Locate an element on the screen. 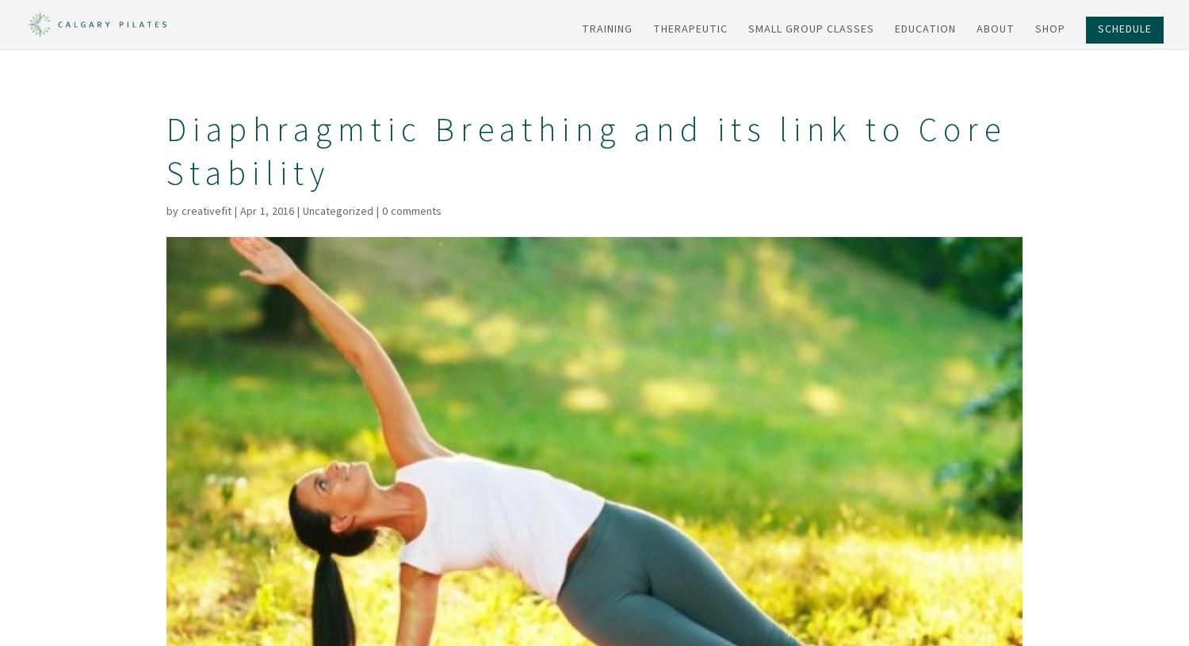  'Course Dates' is located at coordinates (966, 230).